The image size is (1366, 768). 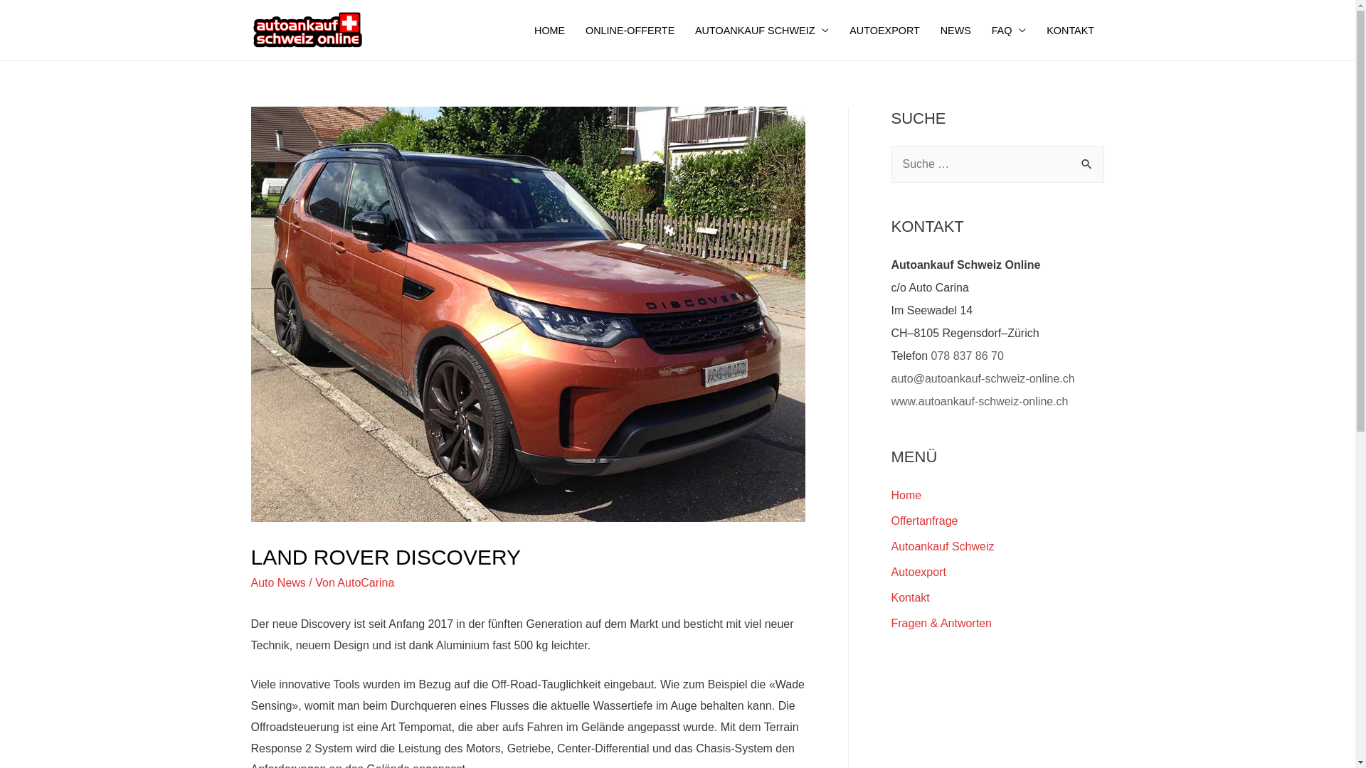 What do you see at coordinates (978, 401) in the screenshot?
I see `'www.autoankauf-schweiz-online.ch'` at bounding box center [978, 401].